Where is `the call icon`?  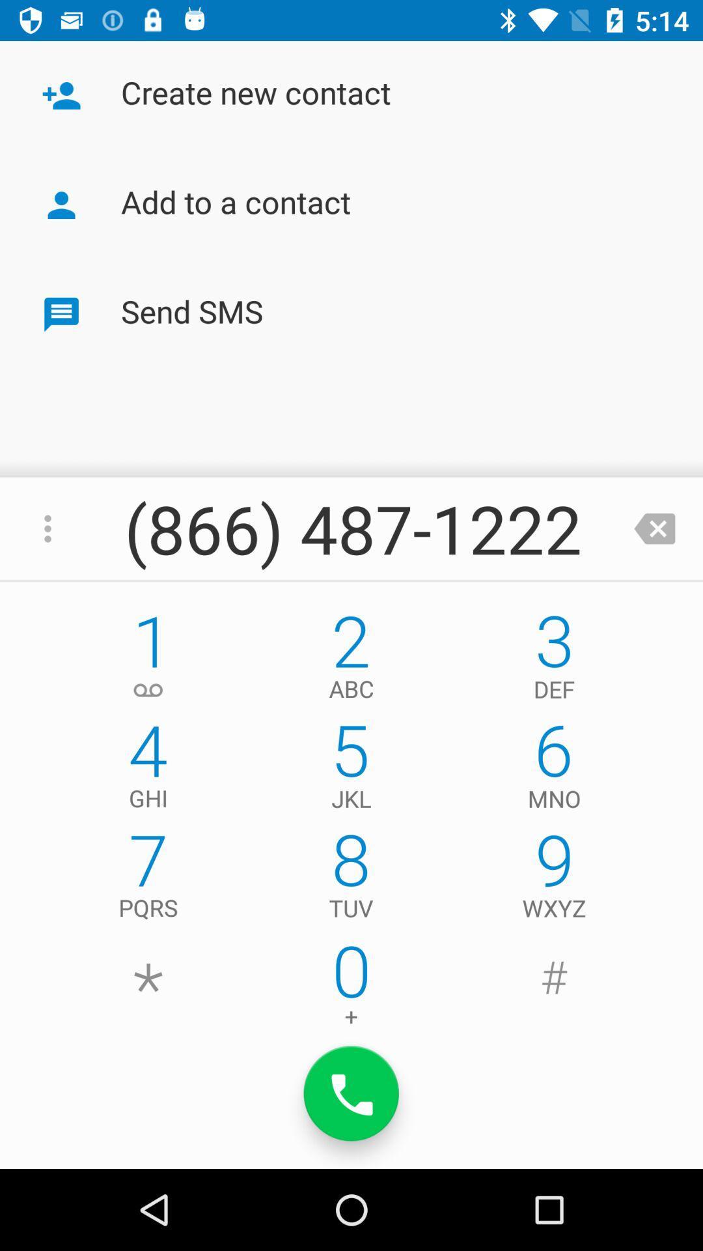 the call icon is located at coordinates (351, 1093).